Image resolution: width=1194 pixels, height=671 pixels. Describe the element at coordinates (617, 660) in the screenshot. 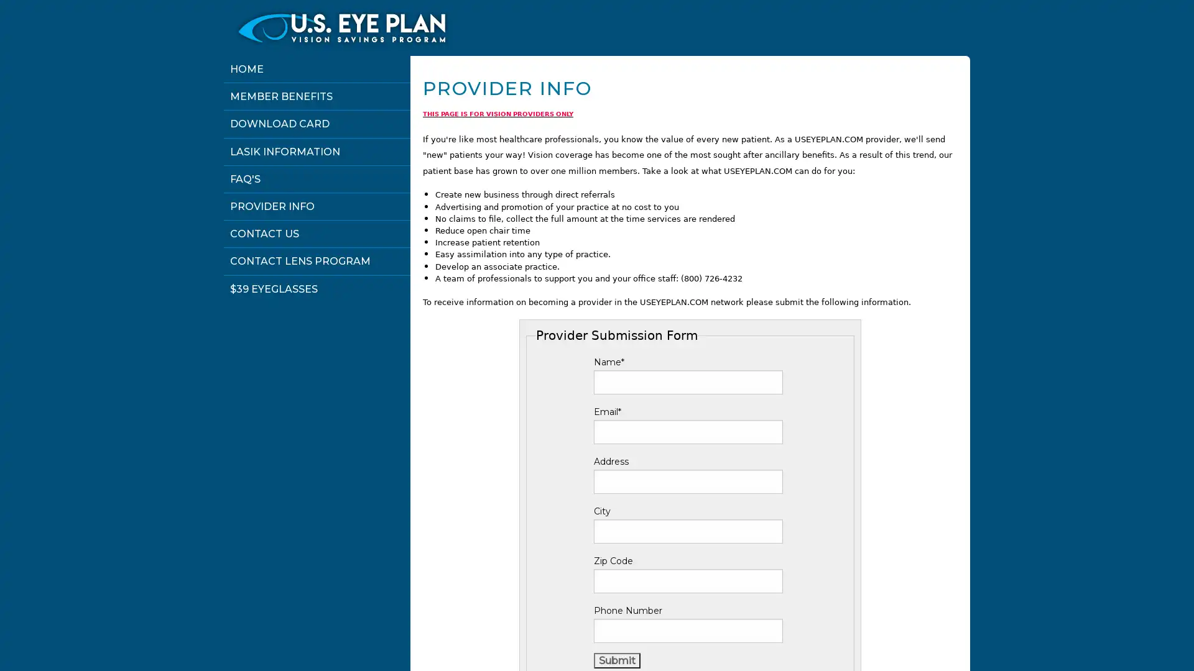

I see `Submit` at that location.